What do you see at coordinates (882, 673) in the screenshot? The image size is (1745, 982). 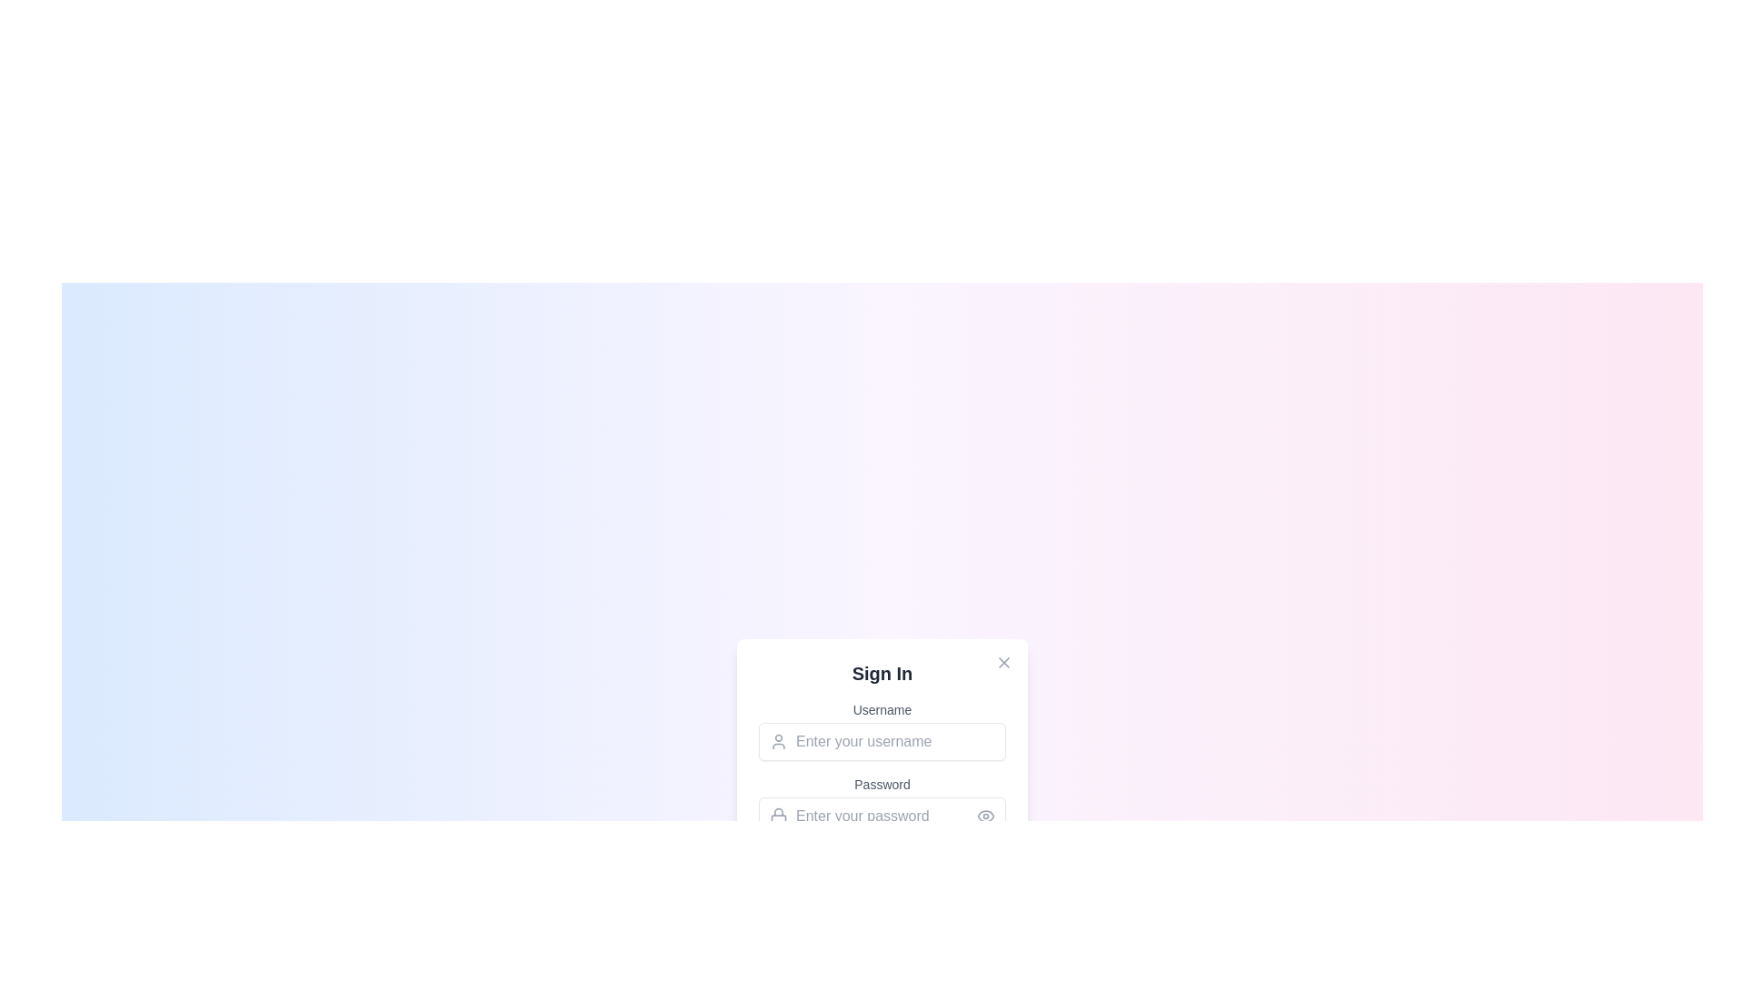 I see `the title text label for the login form, which is positioned above the 'Username' input field` at bounding box center [882, 673].